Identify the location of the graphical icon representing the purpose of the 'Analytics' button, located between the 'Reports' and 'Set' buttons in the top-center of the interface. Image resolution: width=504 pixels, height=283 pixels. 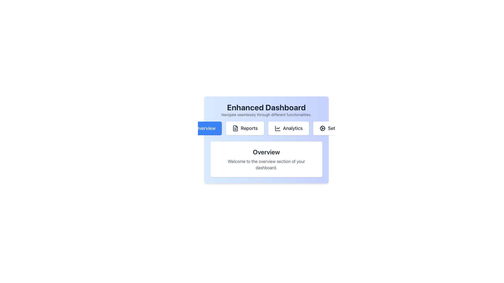
(277, 128).